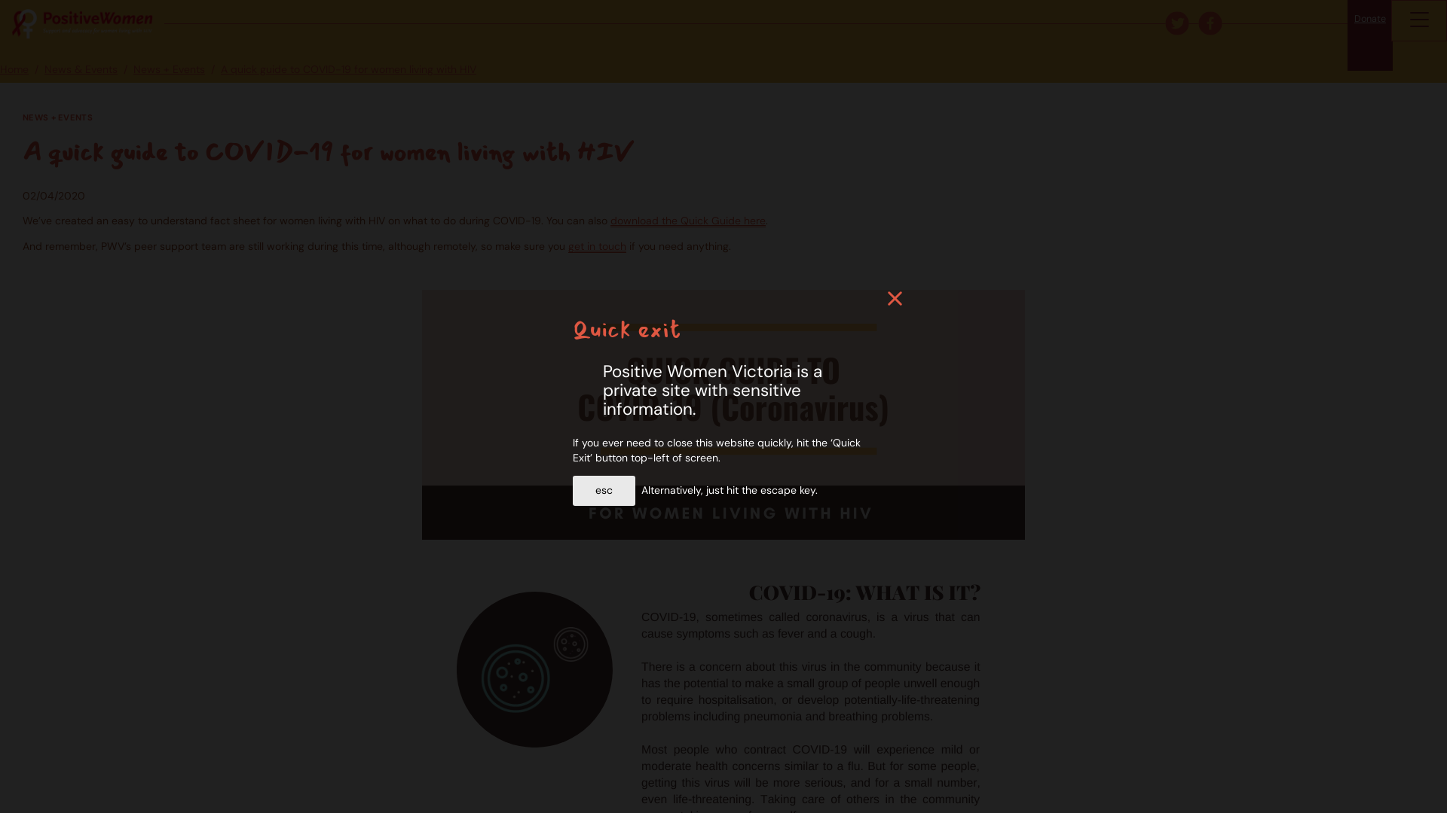 This screenshot has width=1447, height=813. Describe the element at coordinates (347, 69) in the screenshot. I see `'A quick guide to COVID-19 for women living with HIV'` at that location.